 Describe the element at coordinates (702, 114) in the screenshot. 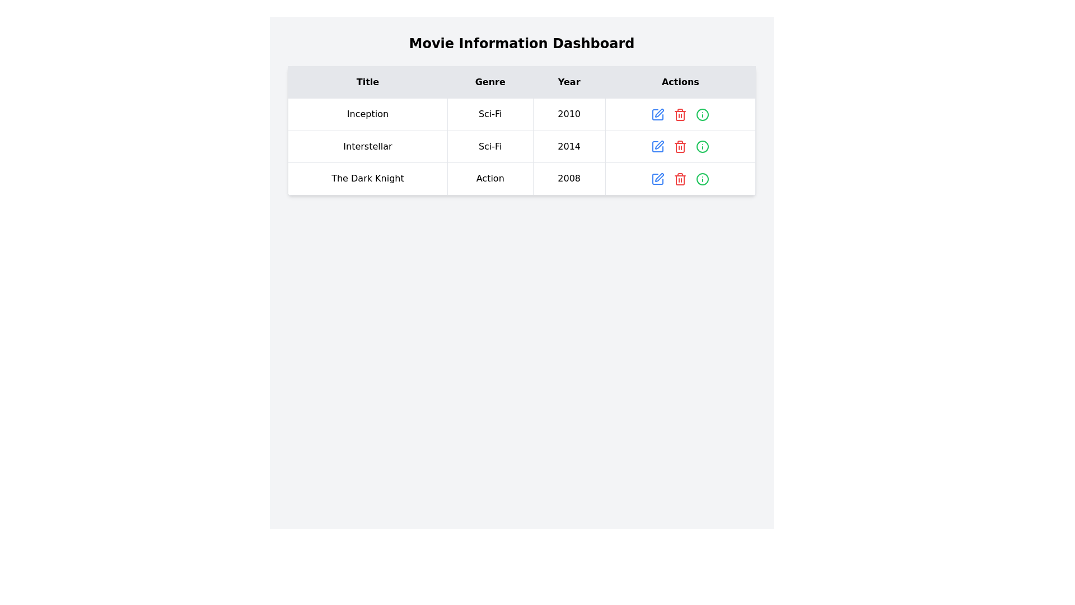

I see `the third circular icon with an outline in the 'Actions' column of the last row in the table` at that location.